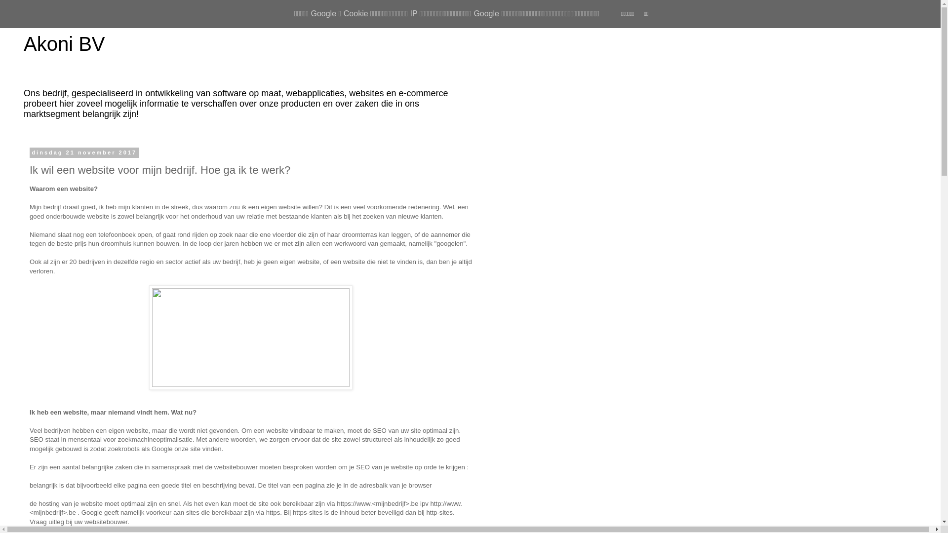 Image resolution: width=948 pixels, height=533 pixels. What do you see at coordinates (64, 43) in the screenshot?
I see `'Akoni BV'` at bounding box center [64, 43].